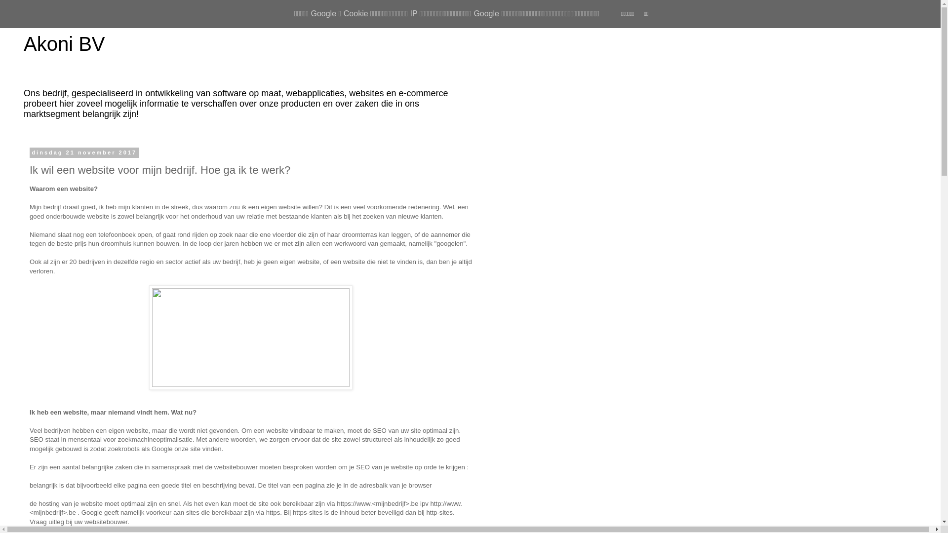 Image resolution: width=948 pixels, height=533 pixels. What do you see at coordinates (64, 43) in the screenshot?
I see `'Akoni BV'` at bounding box center [64, 43].